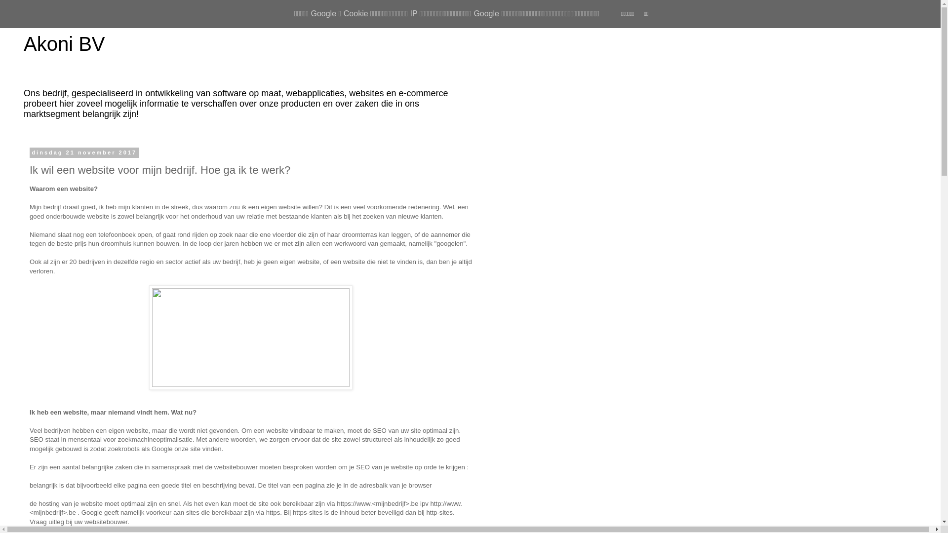 Image resolution: width=948 pixels, height=533 pixels. What do you see at coordinates (64, 43) in the screenshot?
I see `'Akoni BV'` at bounding box center [64, 43].